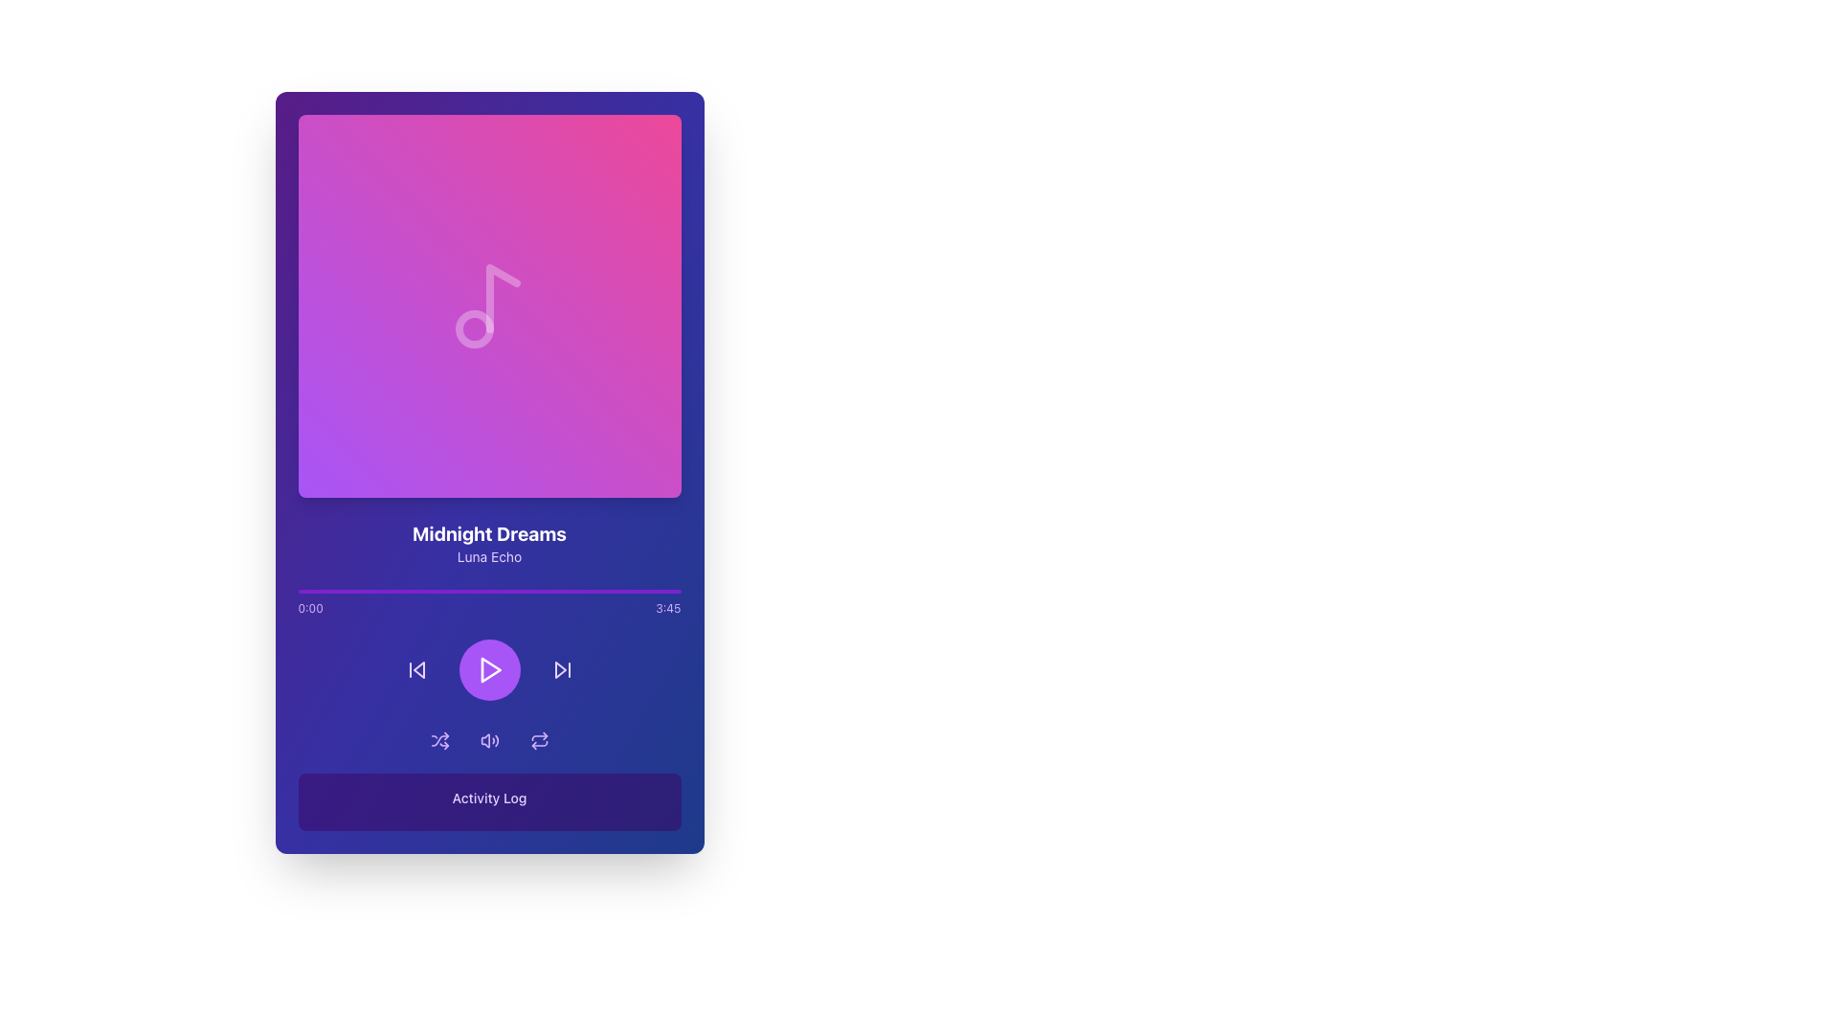  What do you see at coordinates (415, 668) in the screenshot?
I see `the skip-backward button, which is an icon represented as an arrow pointing left with a vertical line, located in the control bar of the music player to go to the previous track` at bounding box center [415, 668].